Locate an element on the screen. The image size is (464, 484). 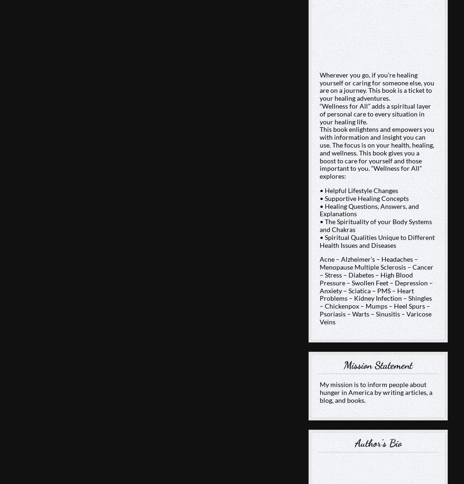
'“Wellness for All” adds a spiritual layer of personal care to every situation in your healing life.' is located at coordinates (375, 114).